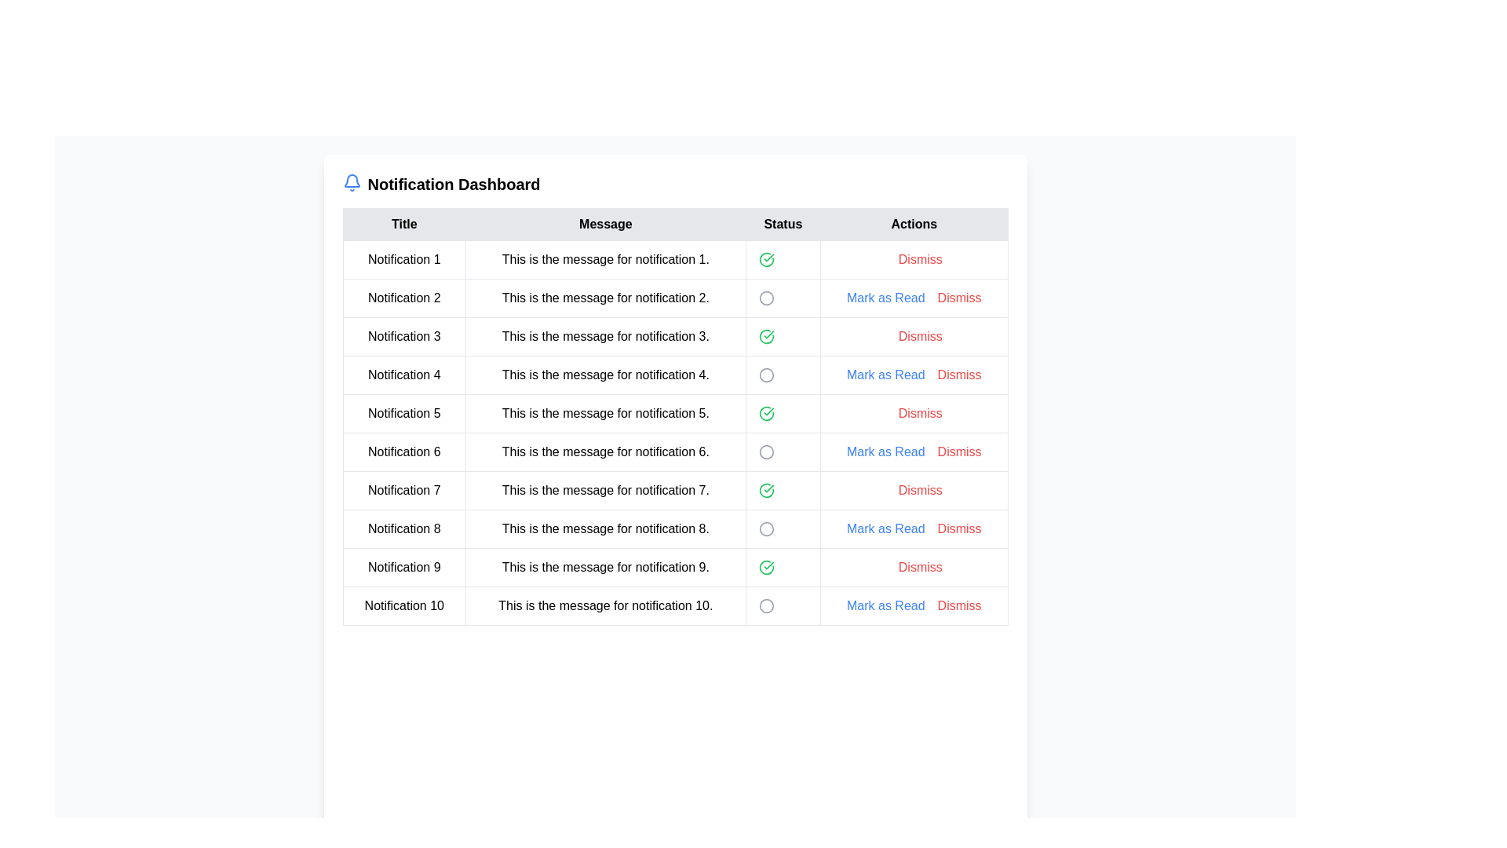 The width and height of the screenshot is (1507, 848). Describe the element at coordinates (351, 181) in the screenshot. I see `the blue bell-shaped icon located within the notification dashboard, positioned to the left of the 'Notification Dashboard' text` at that location.